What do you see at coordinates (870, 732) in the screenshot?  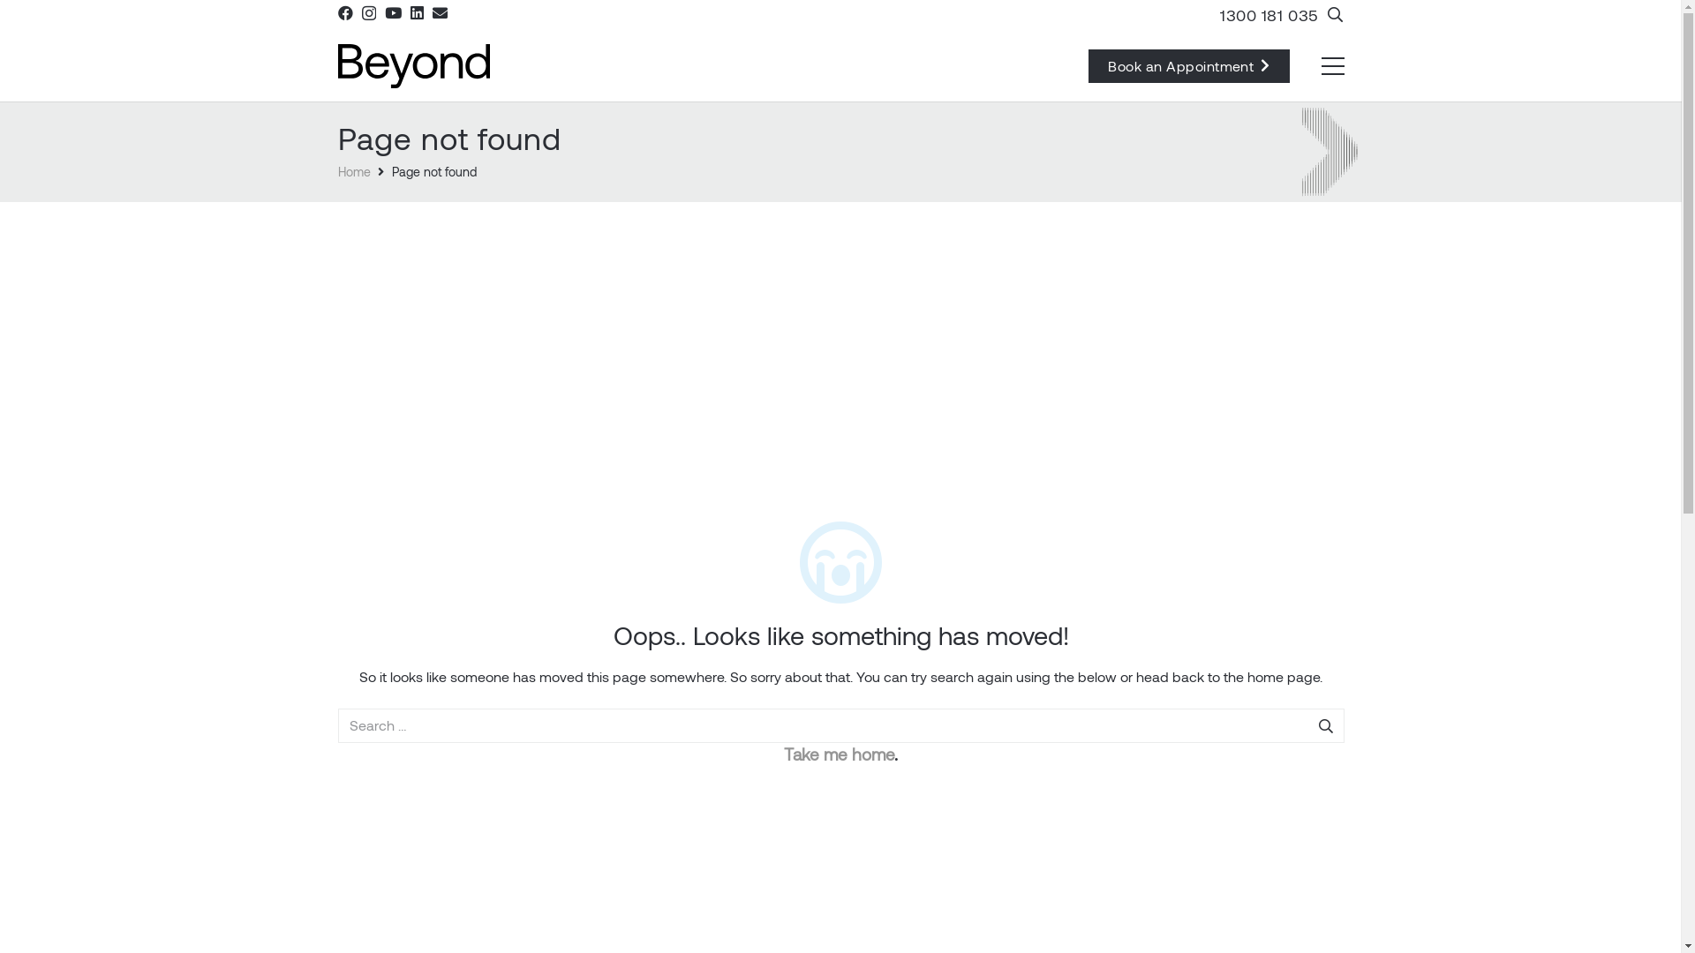 I see `'Locations'` at bounding box center [870, 732].